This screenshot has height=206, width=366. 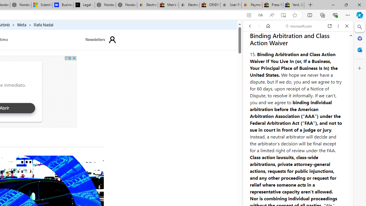 What do you see at coordinates (43, 25) in the screenshot?
I see `'Rafa Nadal'` at bounding box center [43, 25].